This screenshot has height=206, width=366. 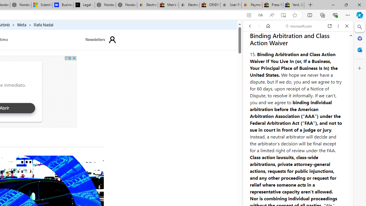 What do you see at coordinates (43, 25) in the screenshot?
I see `'Rafa Nadal'` at bounding box center [43, 25].